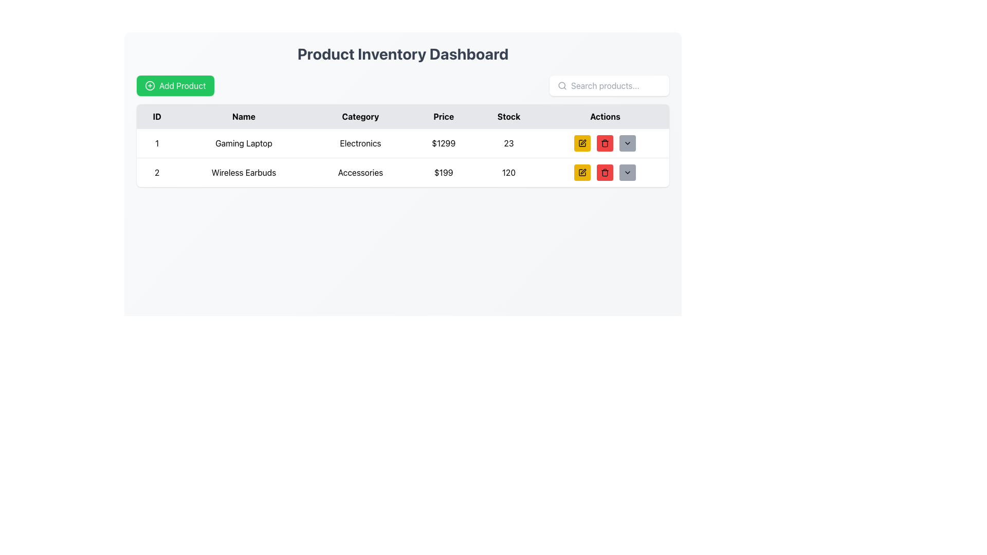 The image size is (987, 555). Describe the element at coordinates (605, 173) in the screenshot. I see `the trash can icon button located in the second row of the 'Actions' column to initiate a delete action` at that location.